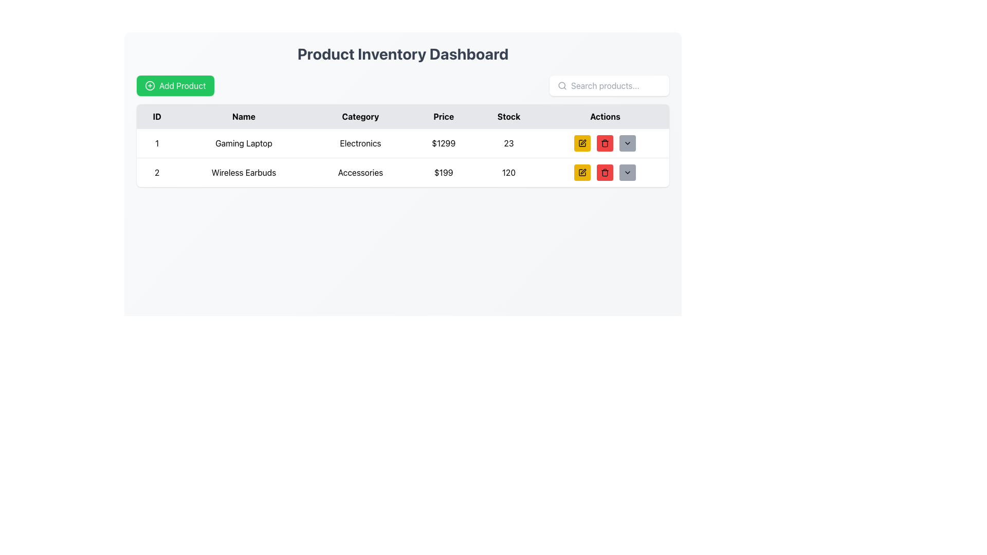 The image size is (987, 555). Describe the element at coordinates (605, 173) in the screenshot. I see `the trash can icon button located in the second row of the 'Actions' column to initiate a delete action` at that location.